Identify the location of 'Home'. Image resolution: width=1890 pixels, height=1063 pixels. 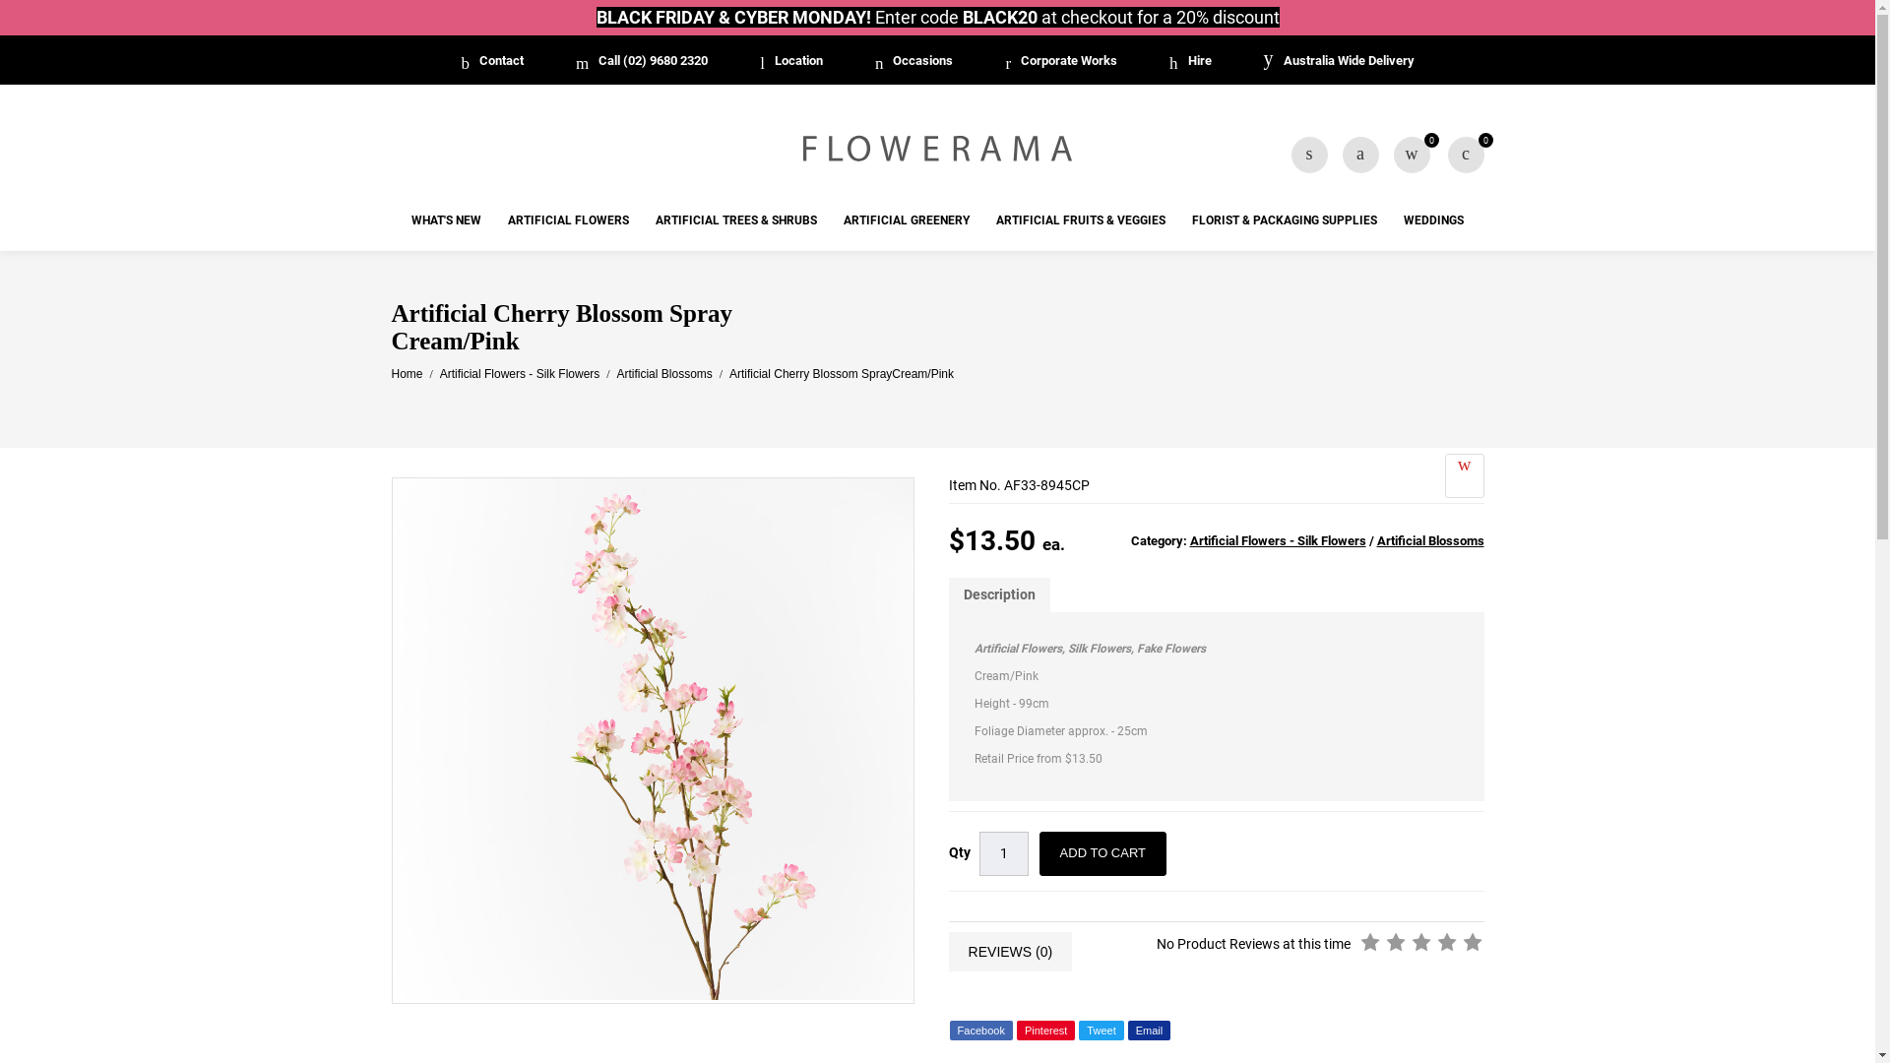
(406, 374).